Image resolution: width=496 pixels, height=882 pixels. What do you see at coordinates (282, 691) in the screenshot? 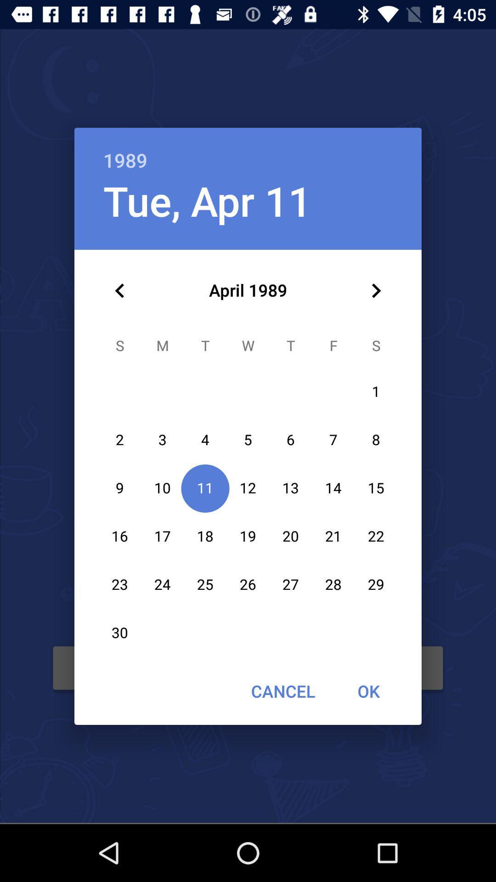
I see `the cancel` at bounding box center [282, 691].